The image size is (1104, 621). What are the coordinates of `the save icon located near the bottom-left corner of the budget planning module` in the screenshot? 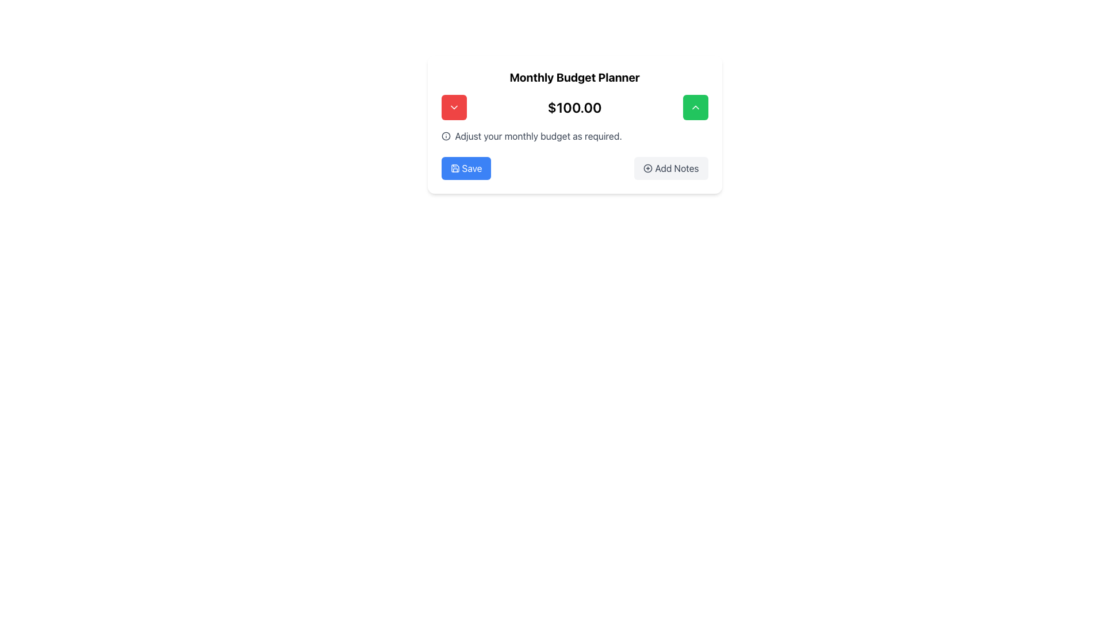 It's located at (454, 168).